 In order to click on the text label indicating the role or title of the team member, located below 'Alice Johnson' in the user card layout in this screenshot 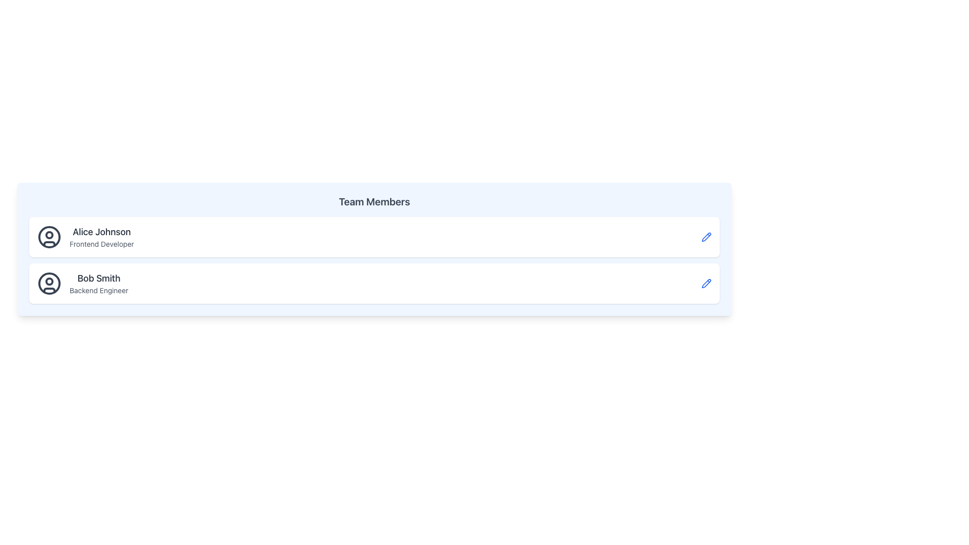, I will do `click(101, 244)`.